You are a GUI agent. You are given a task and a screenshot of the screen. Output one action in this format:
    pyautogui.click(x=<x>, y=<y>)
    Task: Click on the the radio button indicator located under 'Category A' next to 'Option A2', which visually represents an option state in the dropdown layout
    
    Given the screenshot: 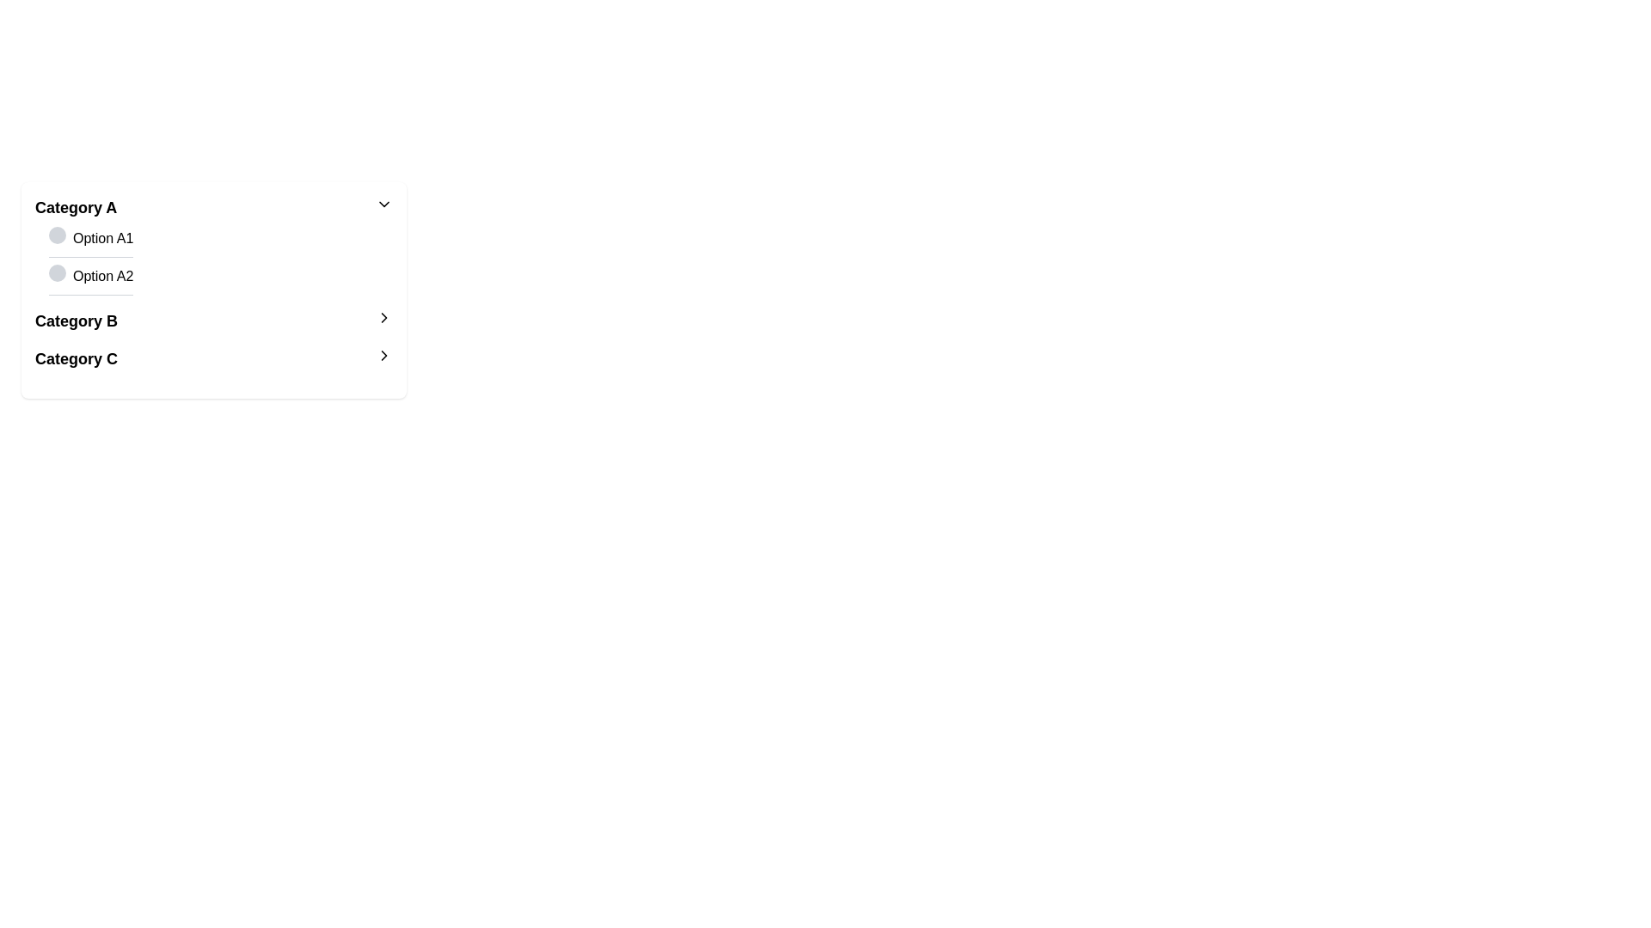 What is the action you would take?
    pyautogui.click(x=58, y=272)
    